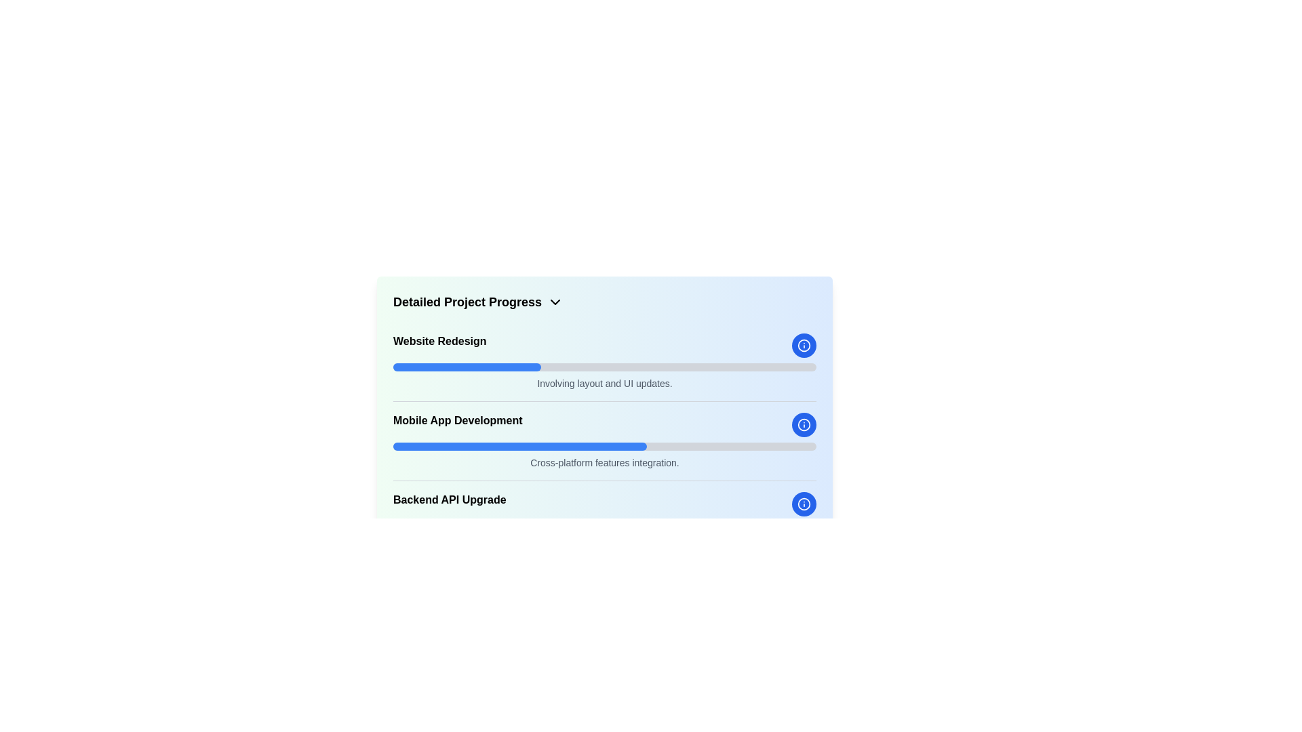 Image resolution: width=1302 pixels, height=732 pixels. Describe the element at coordinates (604, 447) in the screenshot. I see `the progress bar that displays 60% completion, located below the 'Mobile App Development' text and above the 'Cross-platform features integration.' text` at that location.